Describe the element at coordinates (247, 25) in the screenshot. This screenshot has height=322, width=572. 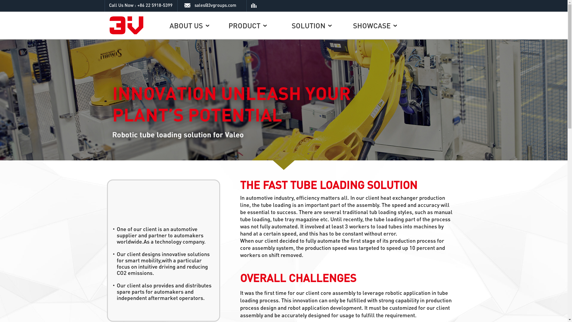
I see `'PRODUCT'` at that location.